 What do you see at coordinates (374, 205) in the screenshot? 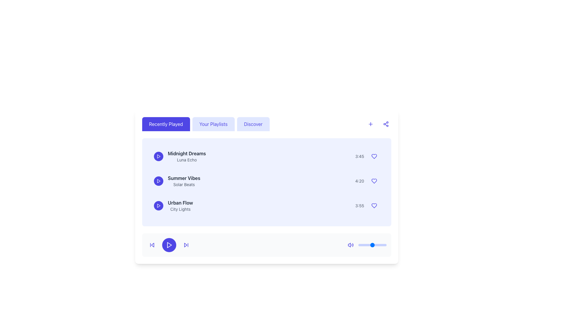
I see `the heart-shaped blue outline icon located in the third row of the playlist interface beside the duration of the song 'Urban Flow'` at bounding box center [374, 205].